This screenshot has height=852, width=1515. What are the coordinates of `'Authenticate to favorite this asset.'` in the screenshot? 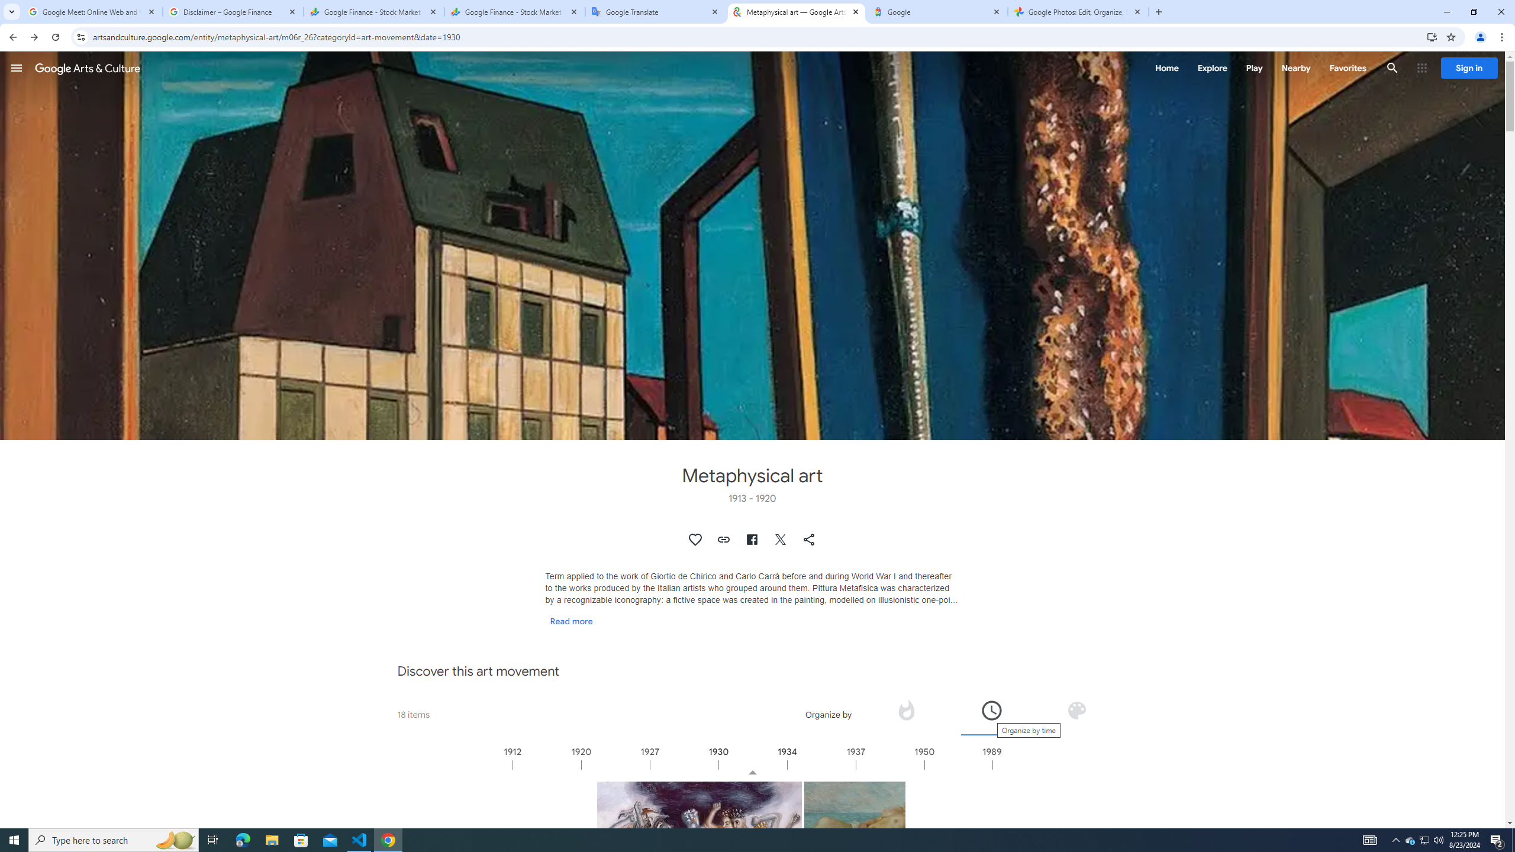 It's located at (695, 539).